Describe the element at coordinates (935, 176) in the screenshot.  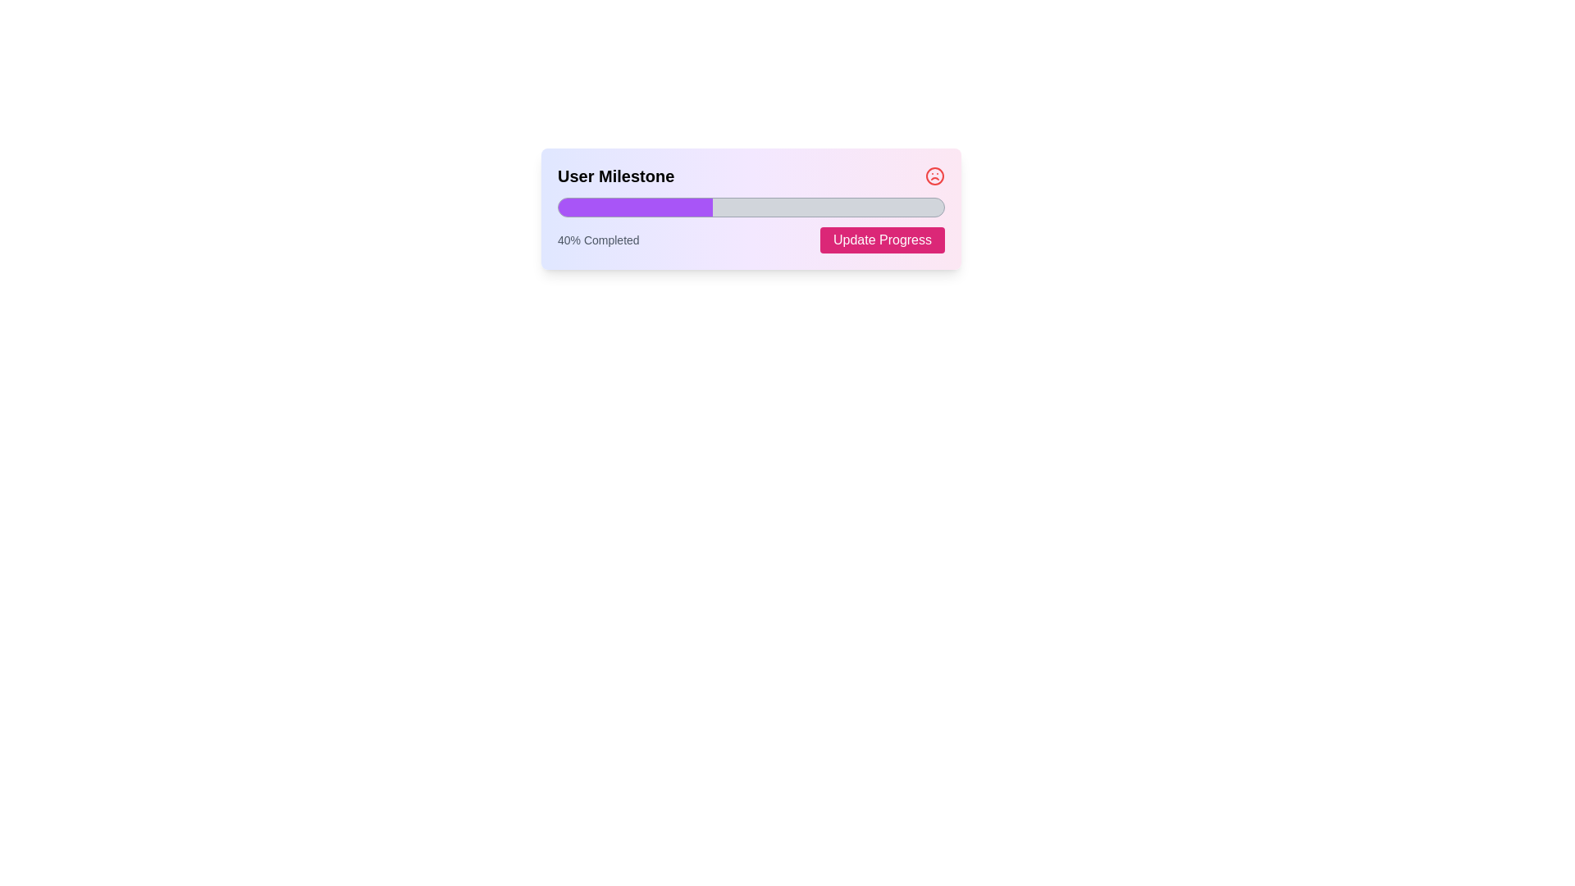
I see `the alert icon in the top-right corner of the 'User Milestone' module` at that location.